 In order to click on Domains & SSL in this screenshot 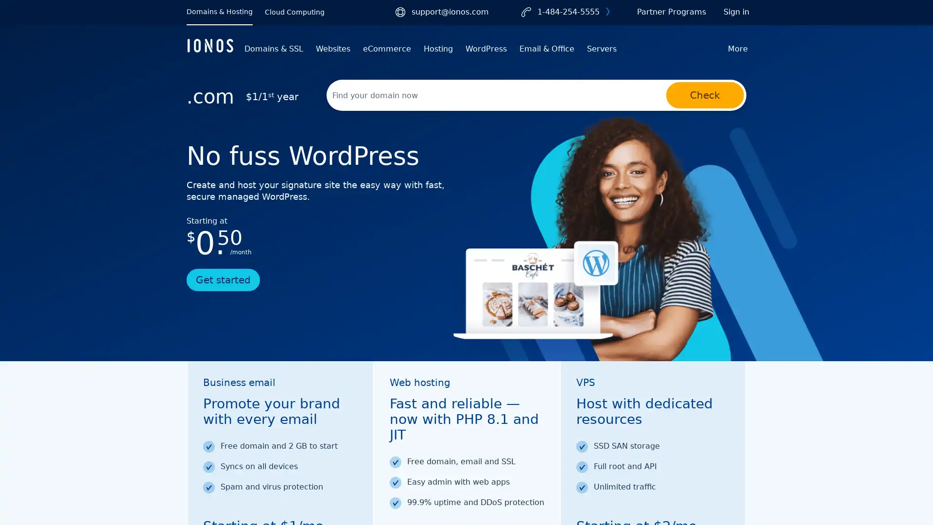, I will do `click(272, 49)`.